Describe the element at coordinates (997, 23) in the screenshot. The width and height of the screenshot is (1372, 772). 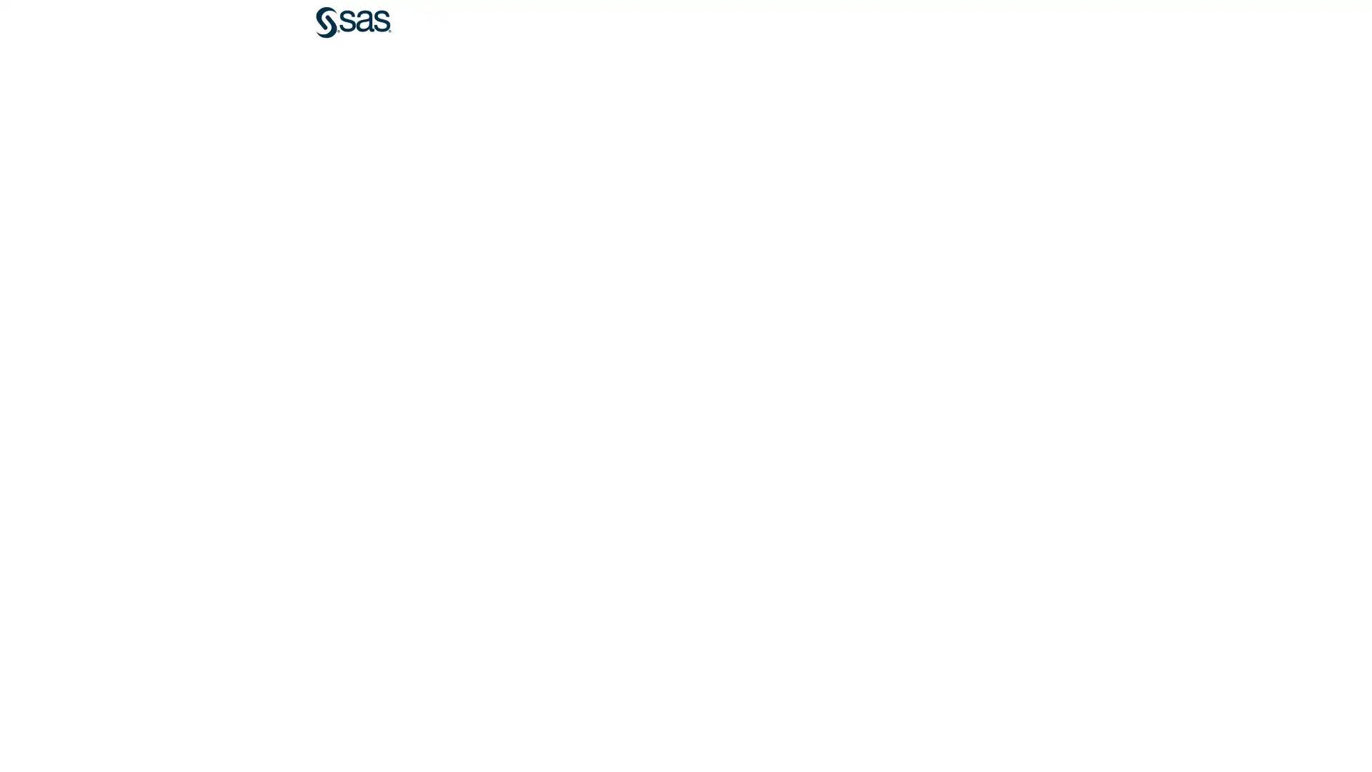
I see `Worldwide Sites` at that location.